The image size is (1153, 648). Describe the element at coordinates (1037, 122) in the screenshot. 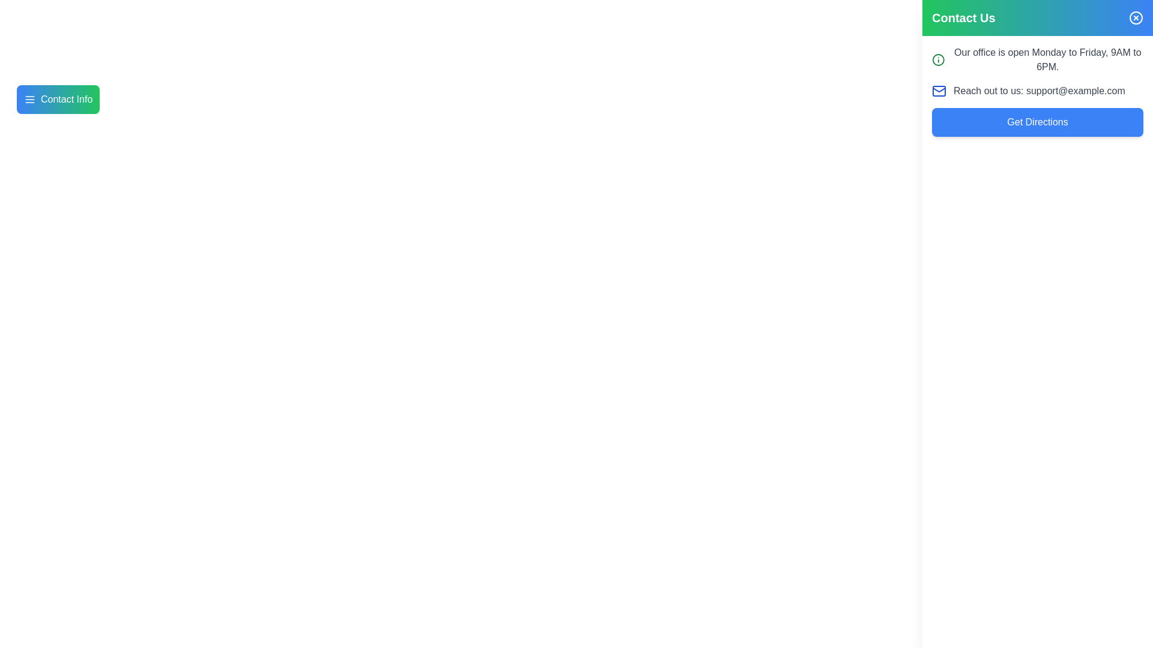

I see `the navigation button located below the email address in the vertical layout to initiate navigation` at that location.